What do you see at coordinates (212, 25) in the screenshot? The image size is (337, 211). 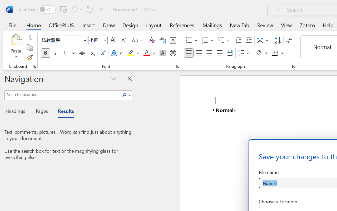 I see `'Mailings'` at bounding box center [212, 25].